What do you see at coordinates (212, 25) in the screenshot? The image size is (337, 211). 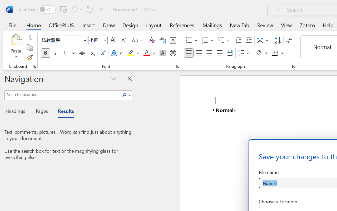 I see `'Mailings'` at bounding box center [212, 25].